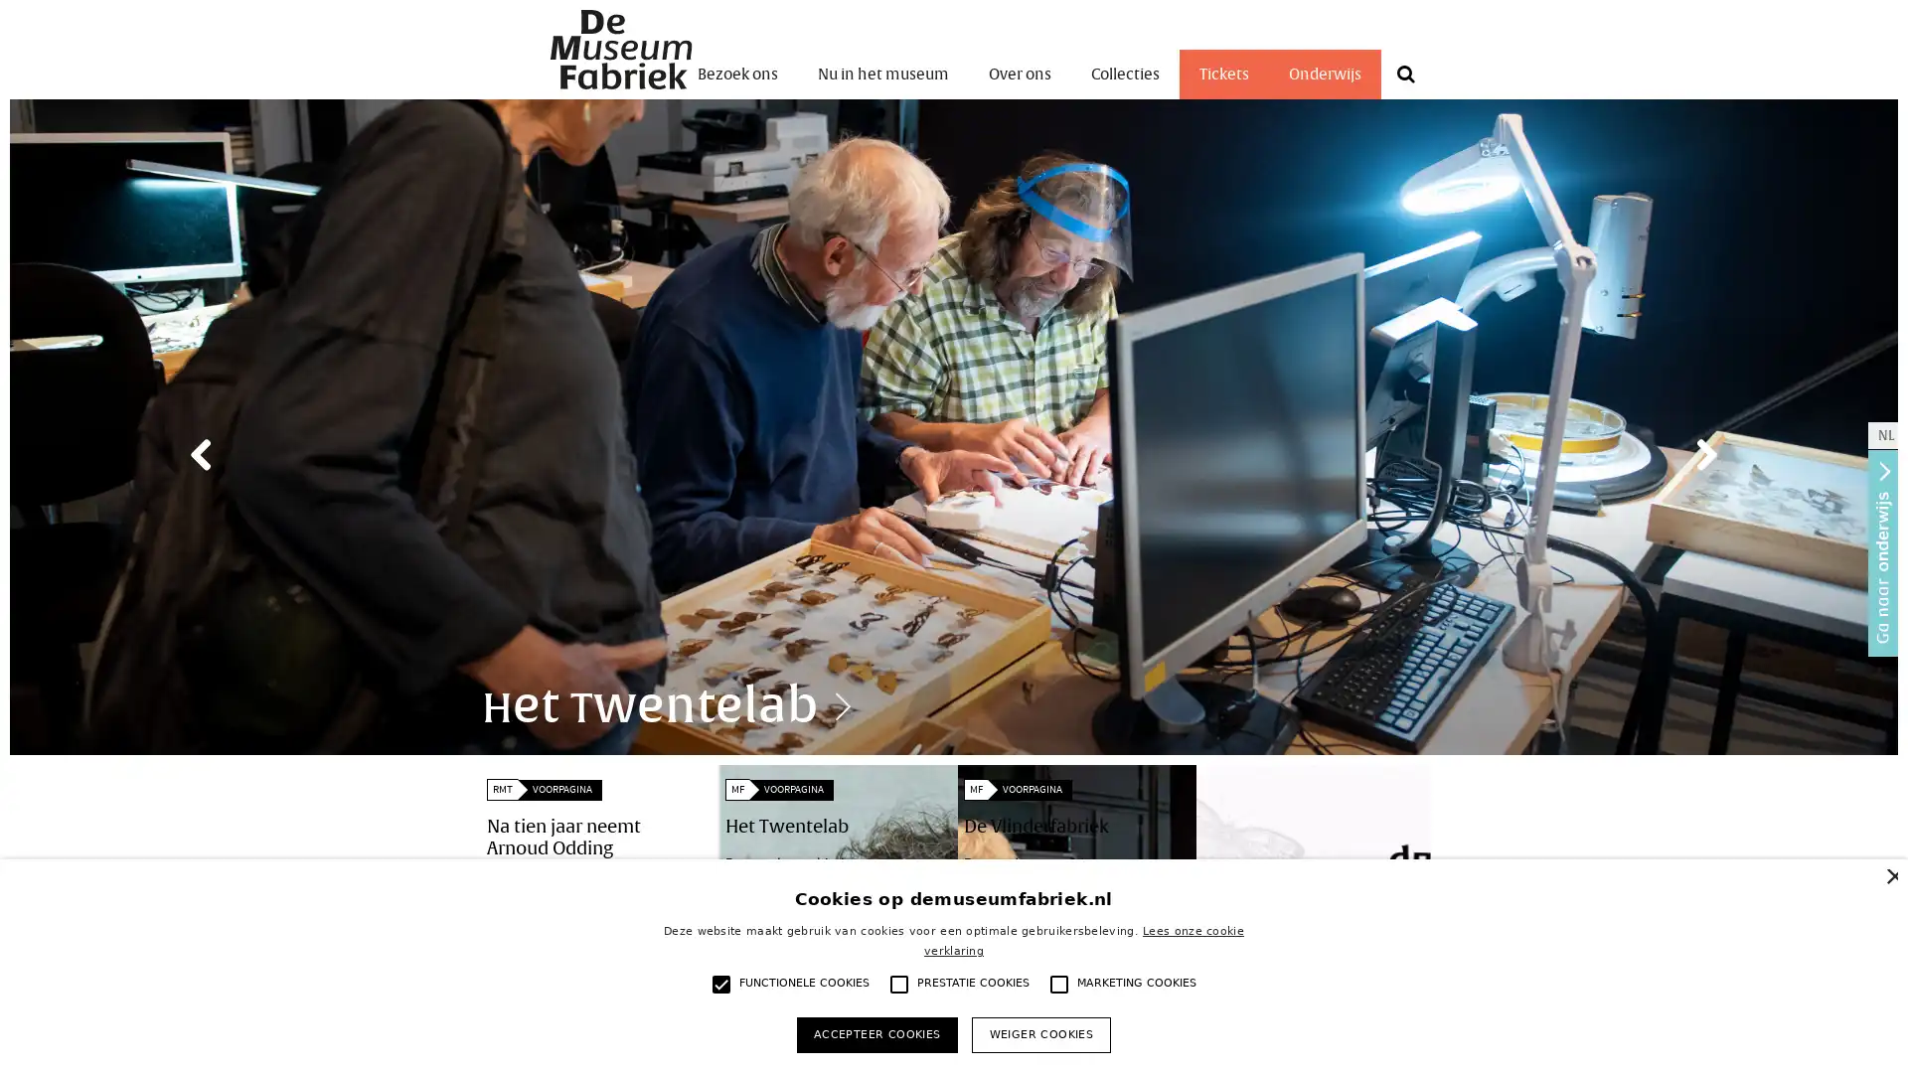 The image size is (1908, 1073). I want to click on ACCEPTEER COOKIES, so click(875, 1033).